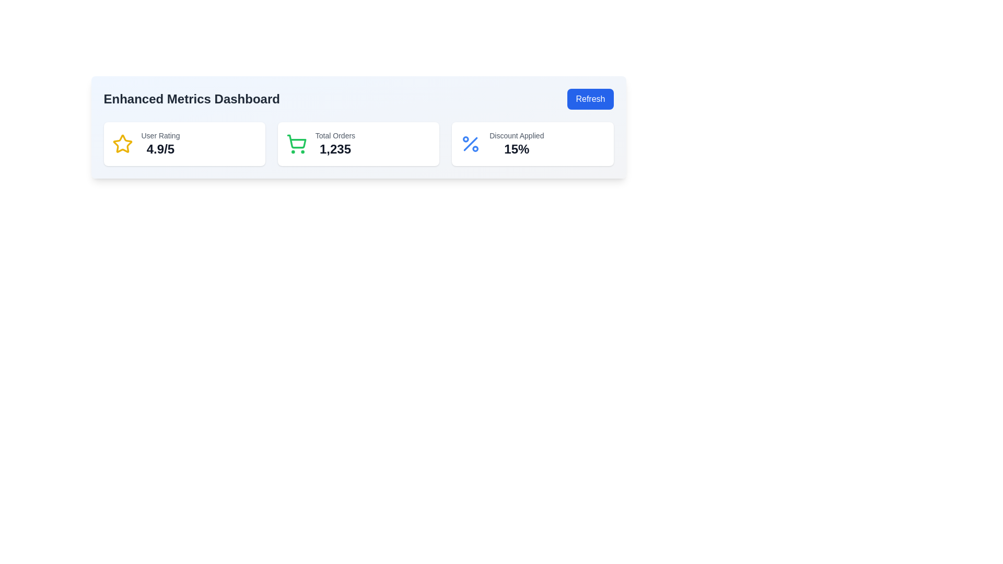 The image size is (1003, 564). What do you see at coordinates (122, 144) in the screenshot?
I see `the decorative icon representing user ratings within the 'User Rating' card, located to the left of the '4.9/5' rating text` at bounding box center [122, 144].